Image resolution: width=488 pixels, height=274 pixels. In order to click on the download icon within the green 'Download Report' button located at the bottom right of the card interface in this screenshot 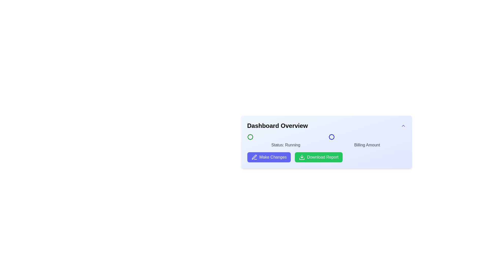, I will do `click(302, 158)`.